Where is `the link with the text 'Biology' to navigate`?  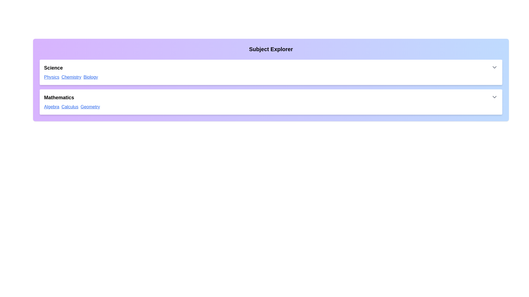
the link with the text 'Biology' to navigate is located at coordinates (91, 77).